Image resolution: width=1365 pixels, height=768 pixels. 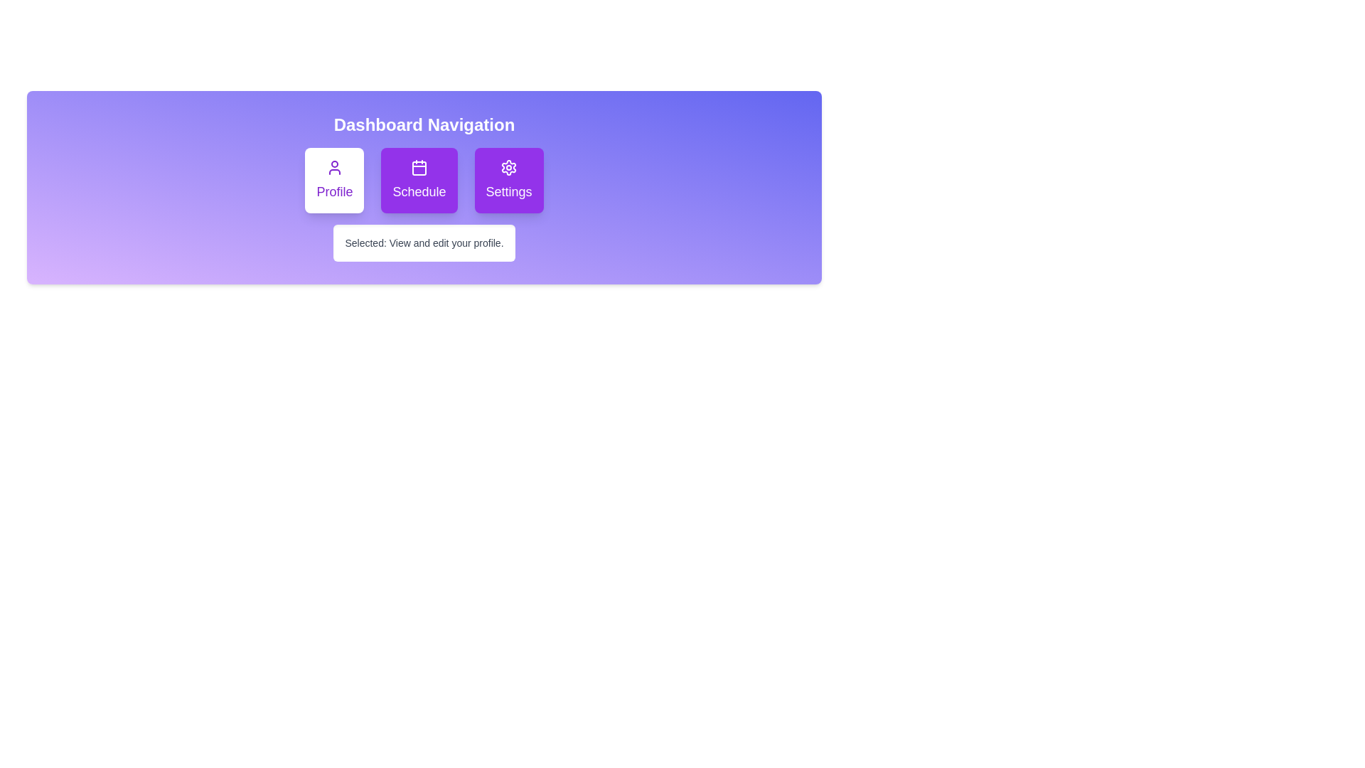 What do you see at coordinates (508, 166) in the screenshot?
I see `the 'Settings' navigation button icon, which is the third option in the dashboard navigation` at bounding box center [508, 166].